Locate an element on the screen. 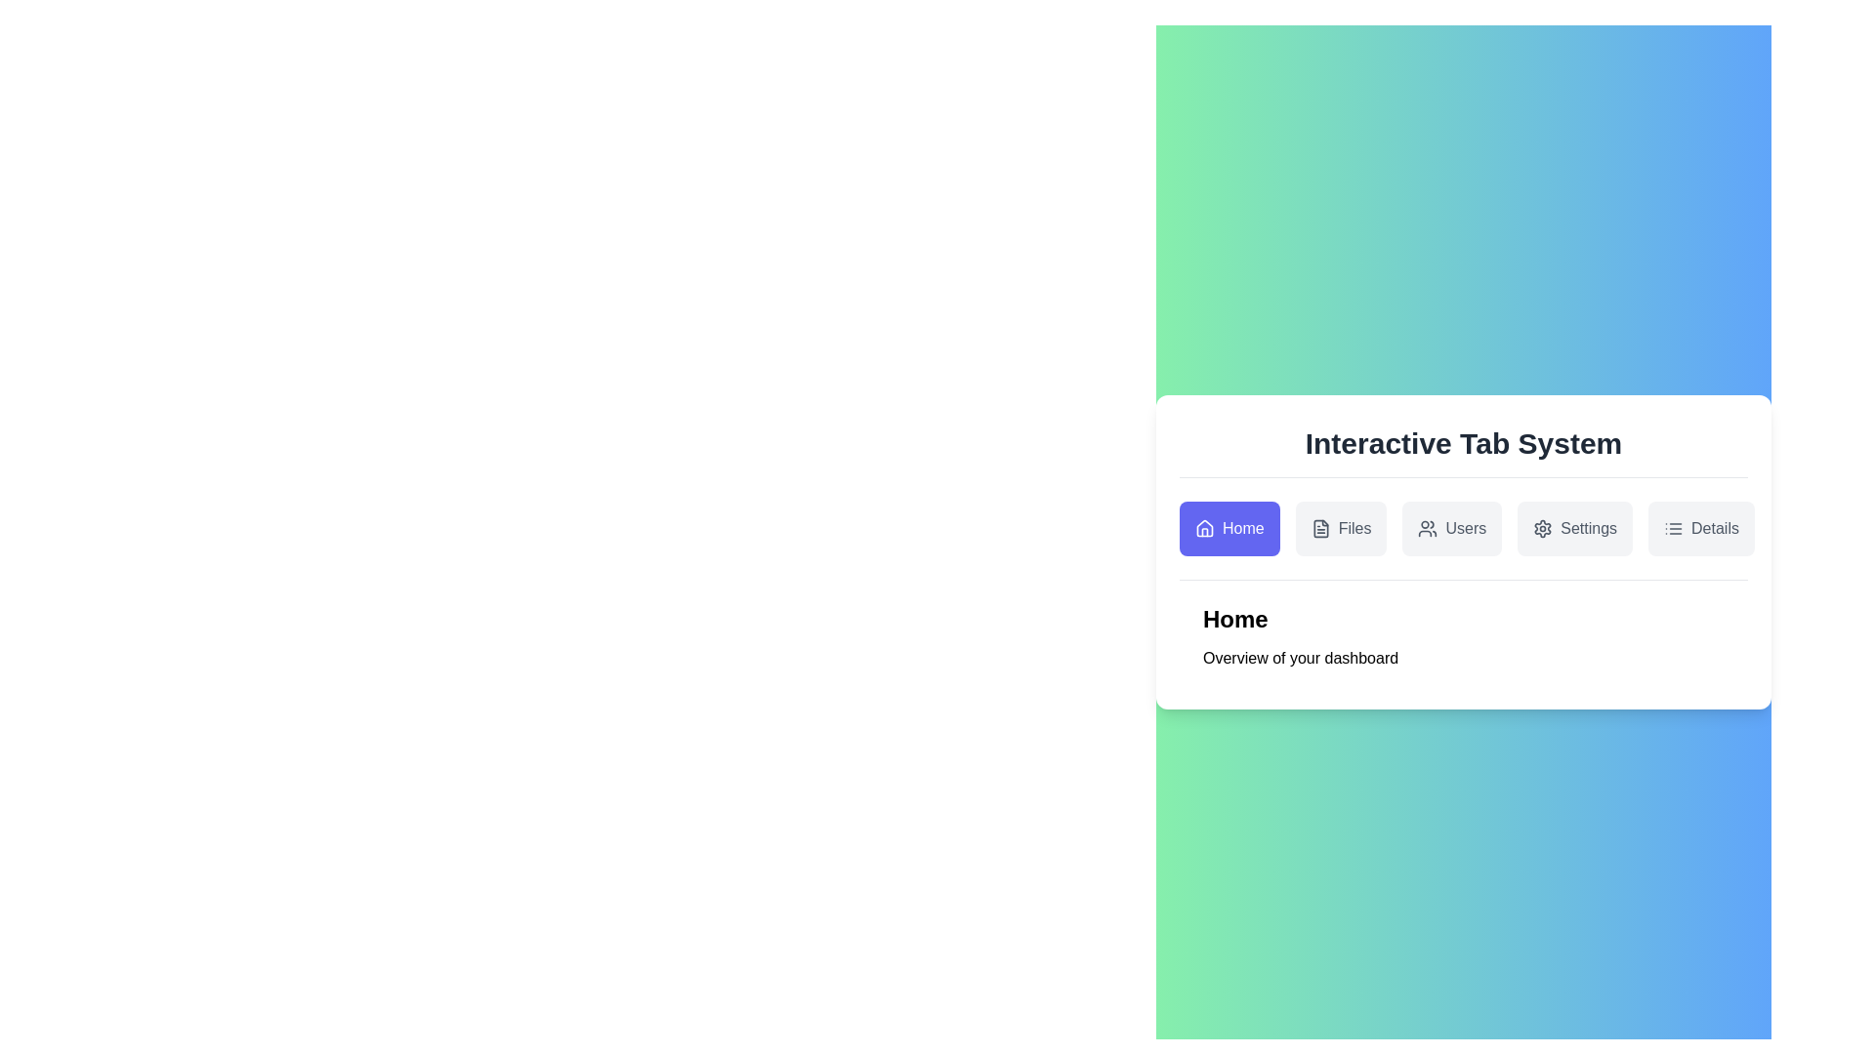 The image size is (1875, 1054). properties of the 'Home' textual label within the navigation tab button, which is styled in white on a purple background and is located next to a house icon is located at coordinates (1242, 529).